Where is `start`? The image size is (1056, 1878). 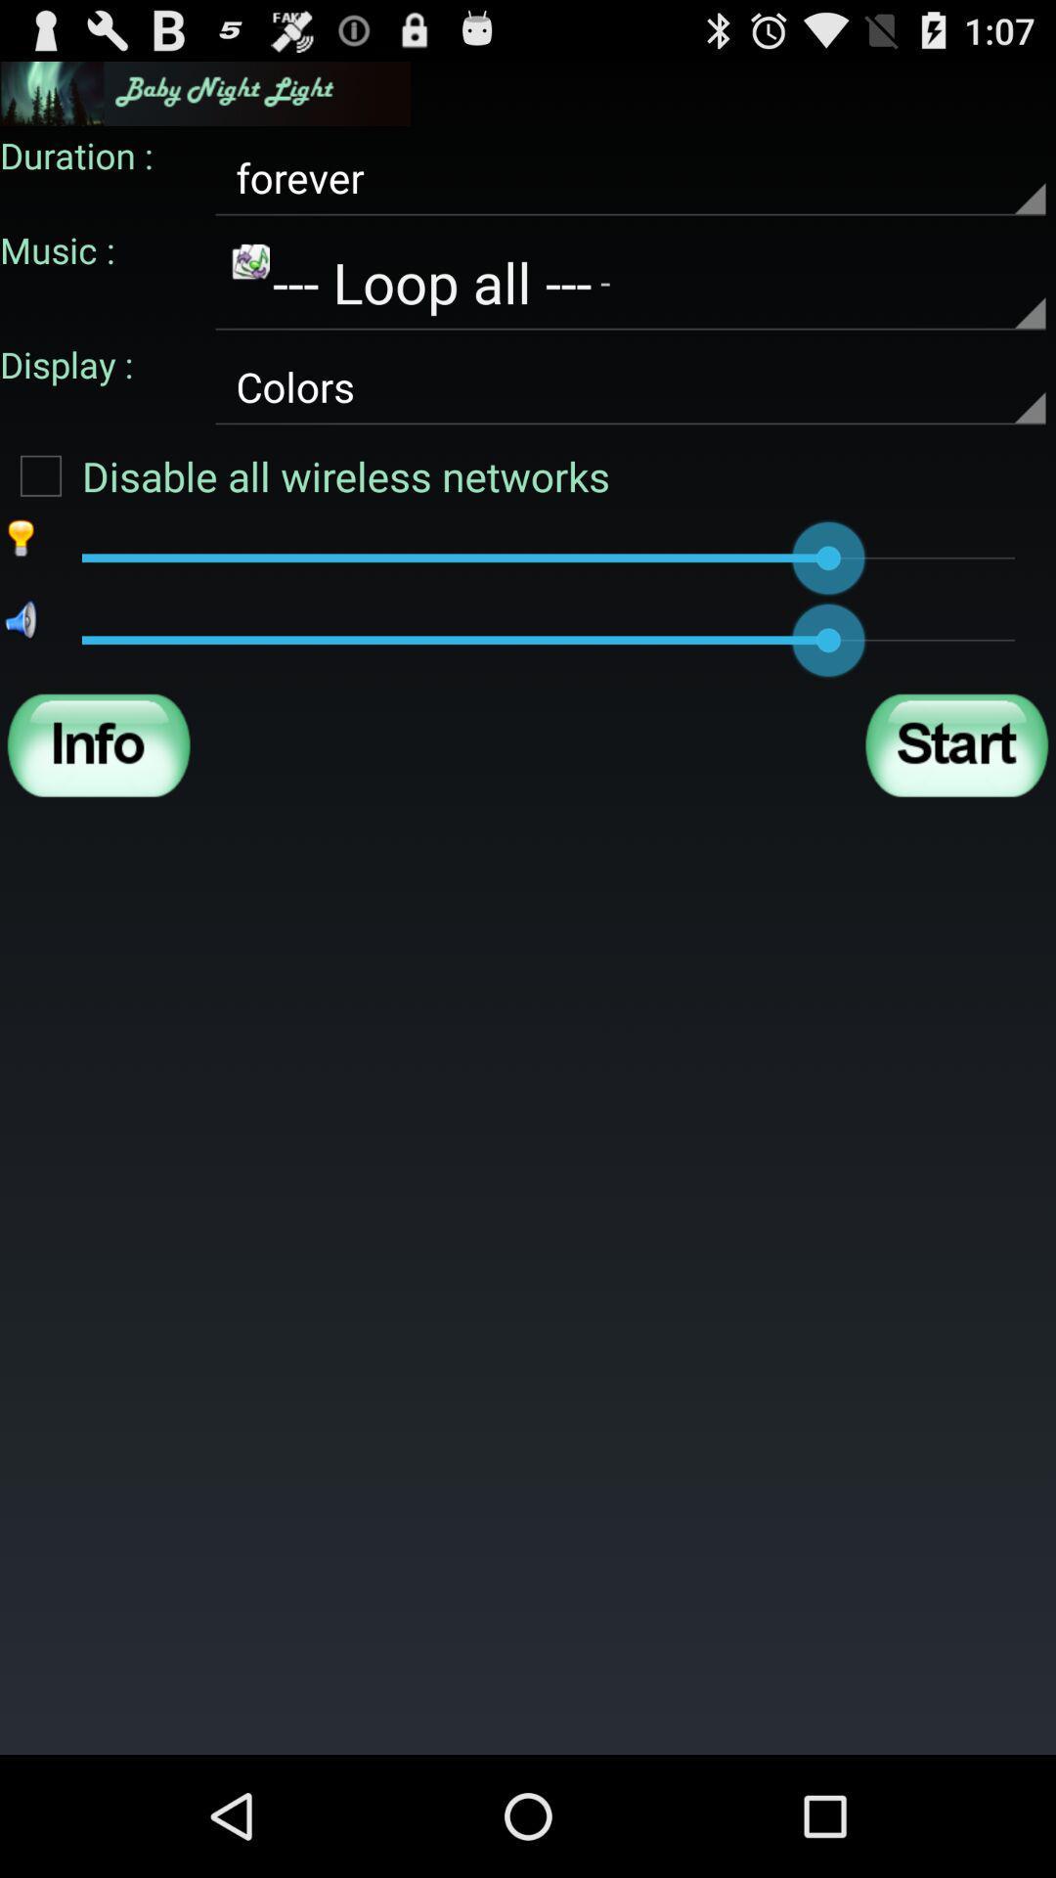
start is located at coordinates (955, 744).